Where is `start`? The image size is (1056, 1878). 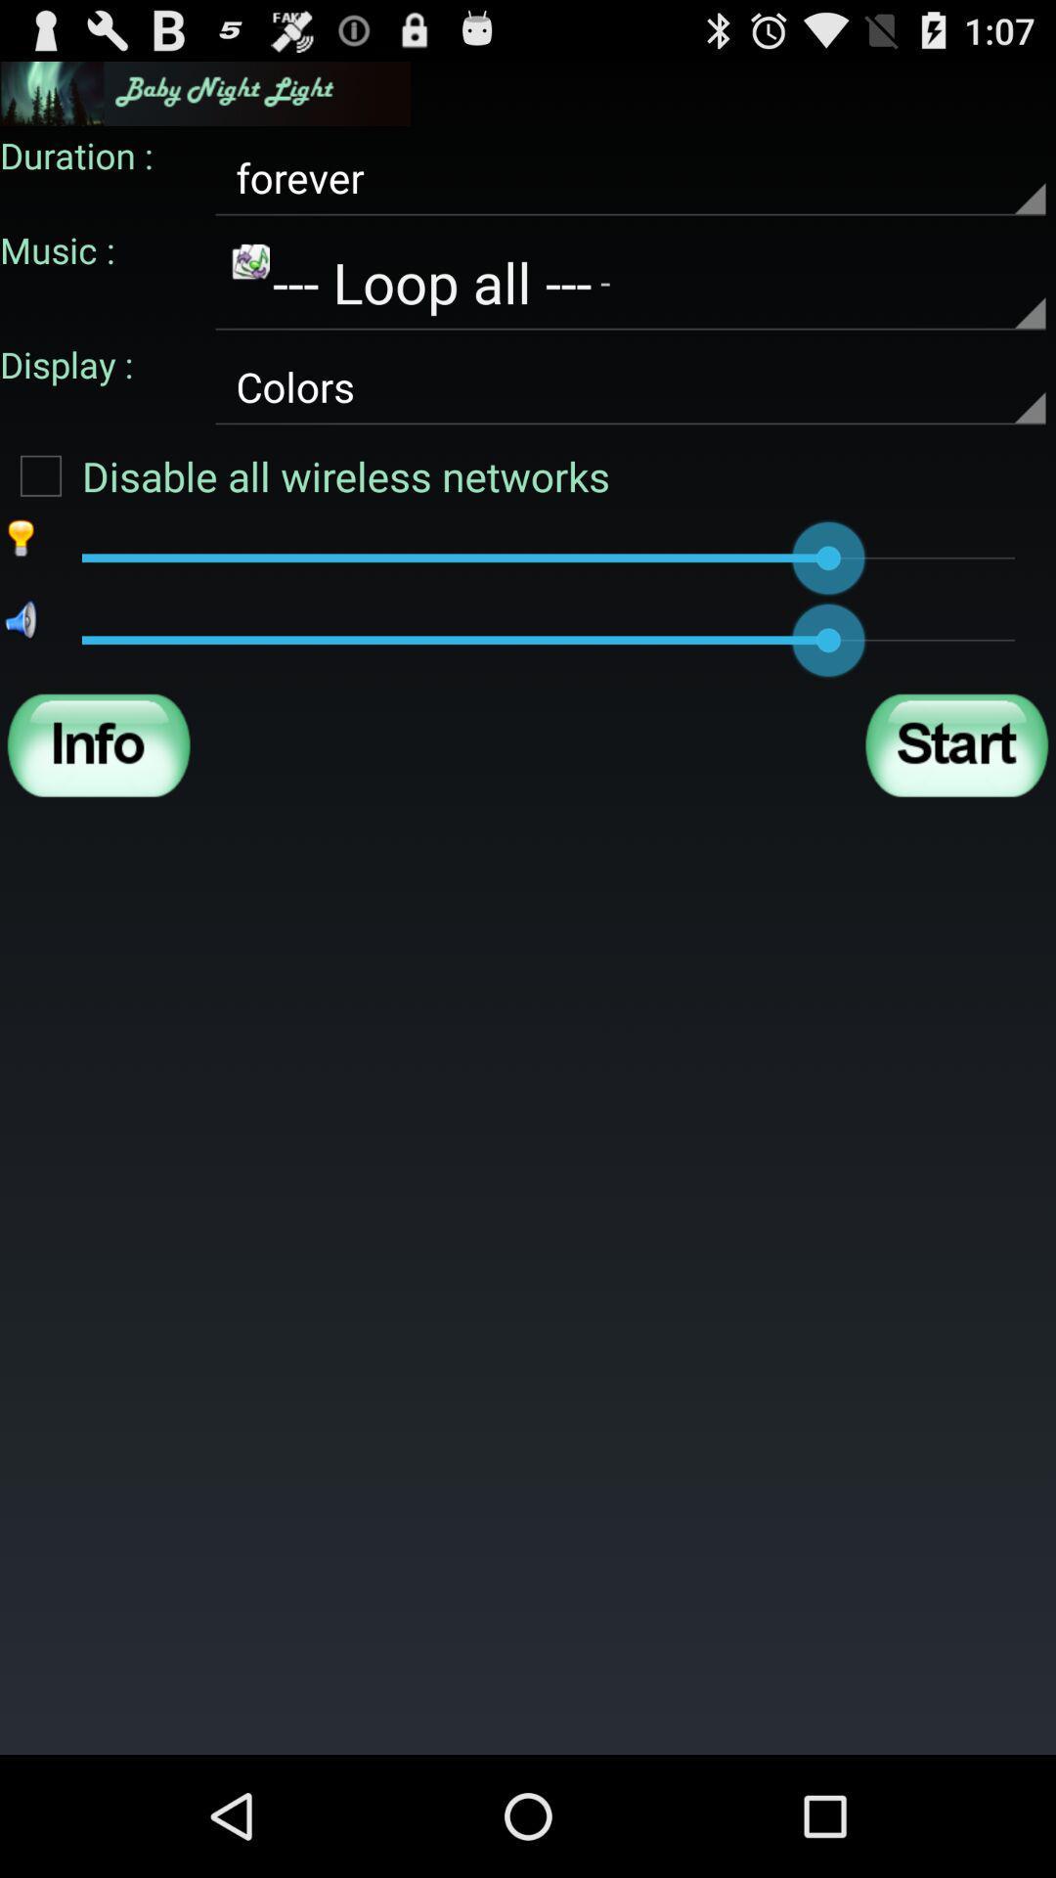
start is located at coordinates (955, 744).